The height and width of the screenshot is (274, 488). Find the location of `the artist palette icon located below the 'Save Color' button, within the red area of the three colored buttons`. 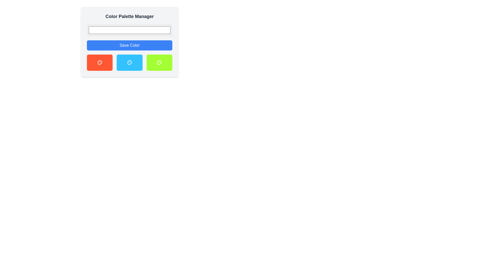

the artist palette icon located below the 'Save Color' button, within the red area of the three colored buttons is located at coordinates (100, 62).